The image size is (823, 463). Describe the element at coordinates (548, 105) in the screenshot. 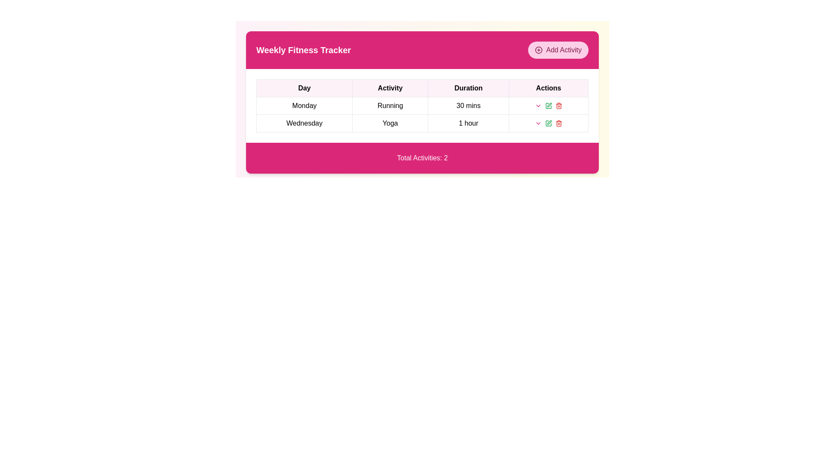

I see `the green square icon resembling a pen in the 'Actions' column of the second row (Yoga) of the table to initiate editing` at that location.